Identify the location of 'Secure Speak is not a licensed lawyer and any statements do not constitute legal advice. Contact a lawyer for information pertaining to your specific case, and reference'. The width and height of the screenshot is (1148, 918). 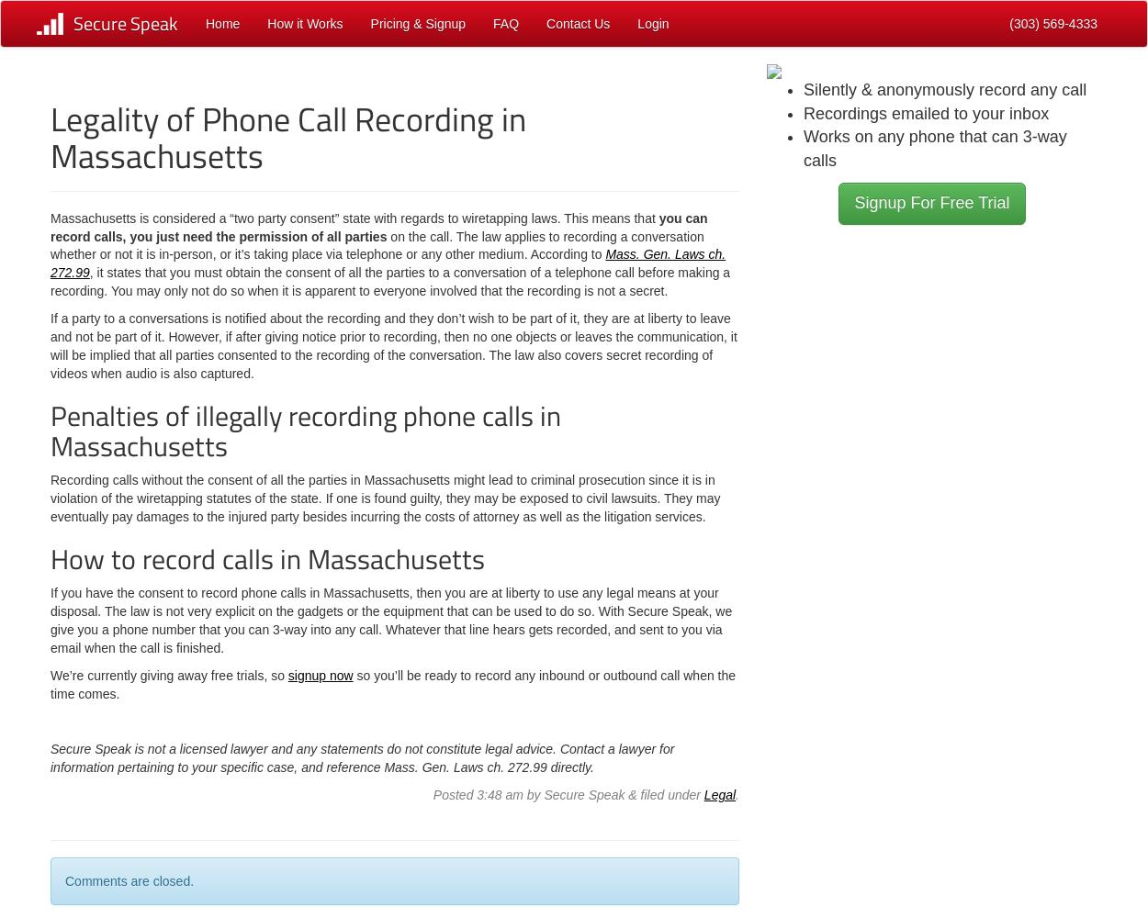
(362, 757).